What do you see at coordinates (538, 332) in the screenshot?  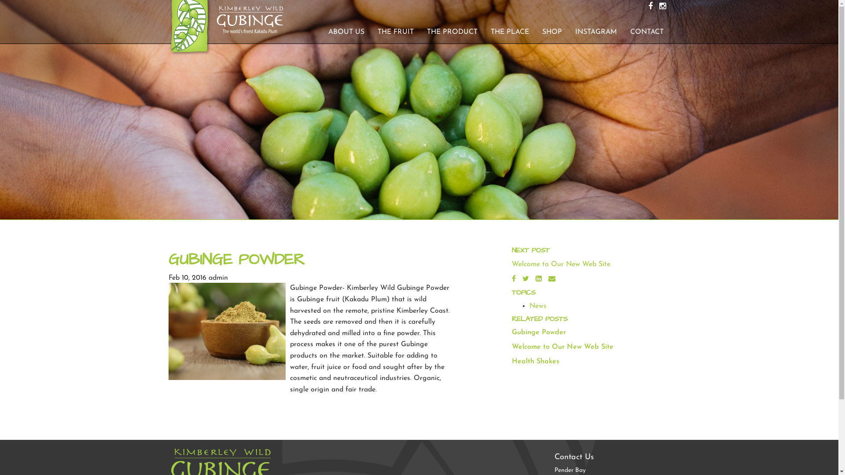 I see `'Gubinge Powder'` at bounding box center [538, 332].